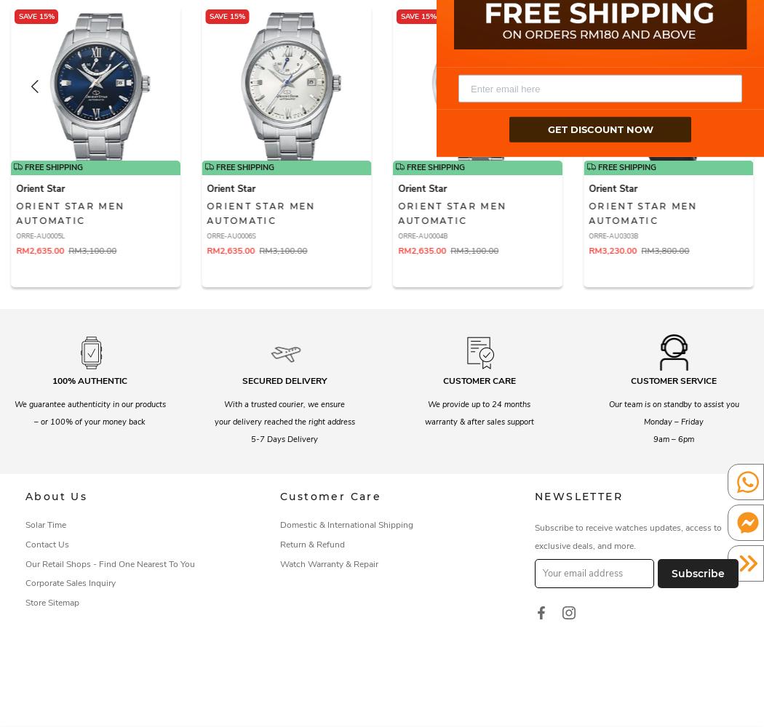 The image size is (764, 727). What do you see at coordinates (45, 523) in the screenshot?
I see `'Solar Time'` at bounding box center [45, 523].